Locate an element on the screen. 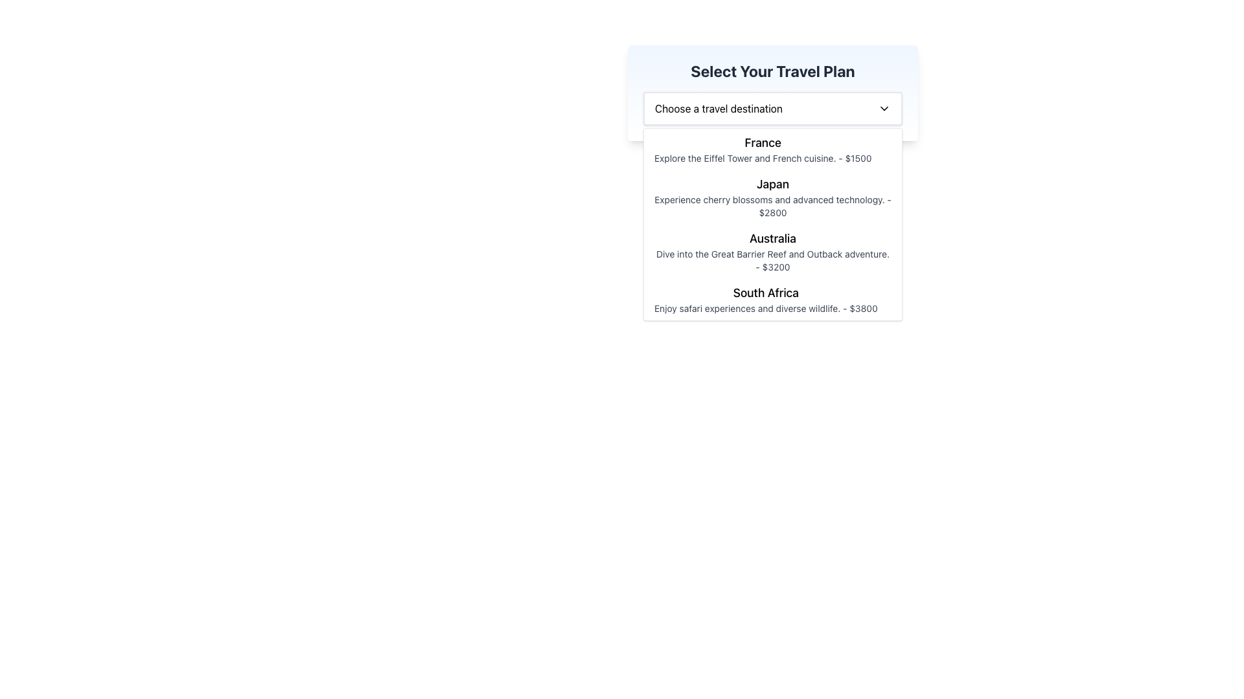 This screenshot has height=699, width=1244. the text heading that serves as a label for selecting a travel plan, located at the upper-middle section of the interface is located at coordinates (773, 71).